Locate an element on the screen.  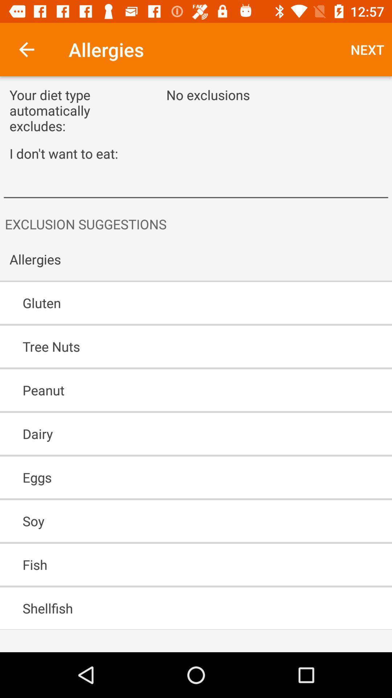
tree nuts item is located at coordinates (175, 346).